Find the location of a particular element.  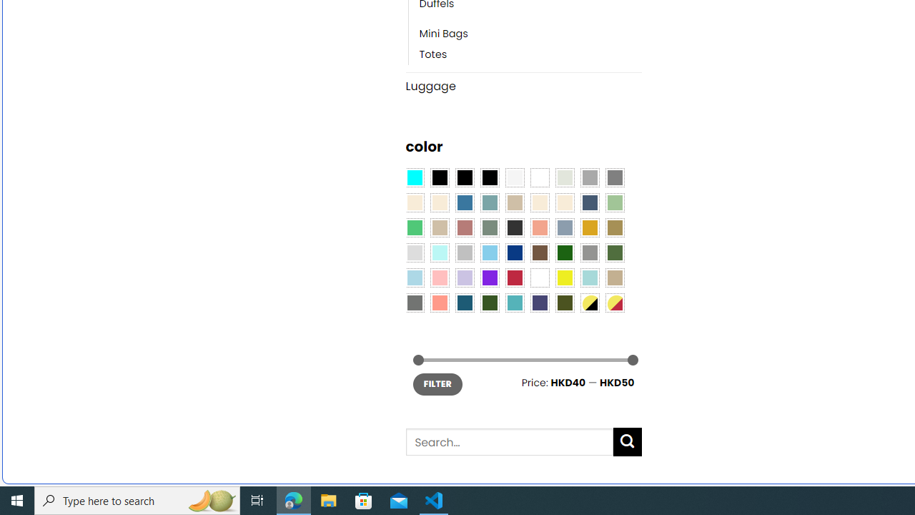

'Purple Navy' is located at coordinates (539, 303).